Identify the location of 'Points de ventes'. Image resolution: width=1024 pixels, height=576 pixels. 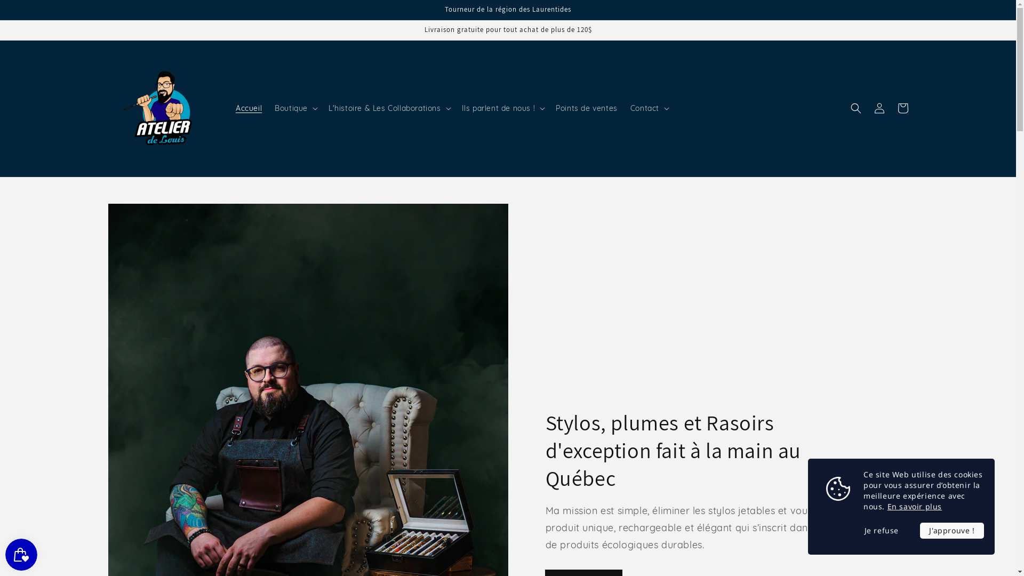
(586, 108).